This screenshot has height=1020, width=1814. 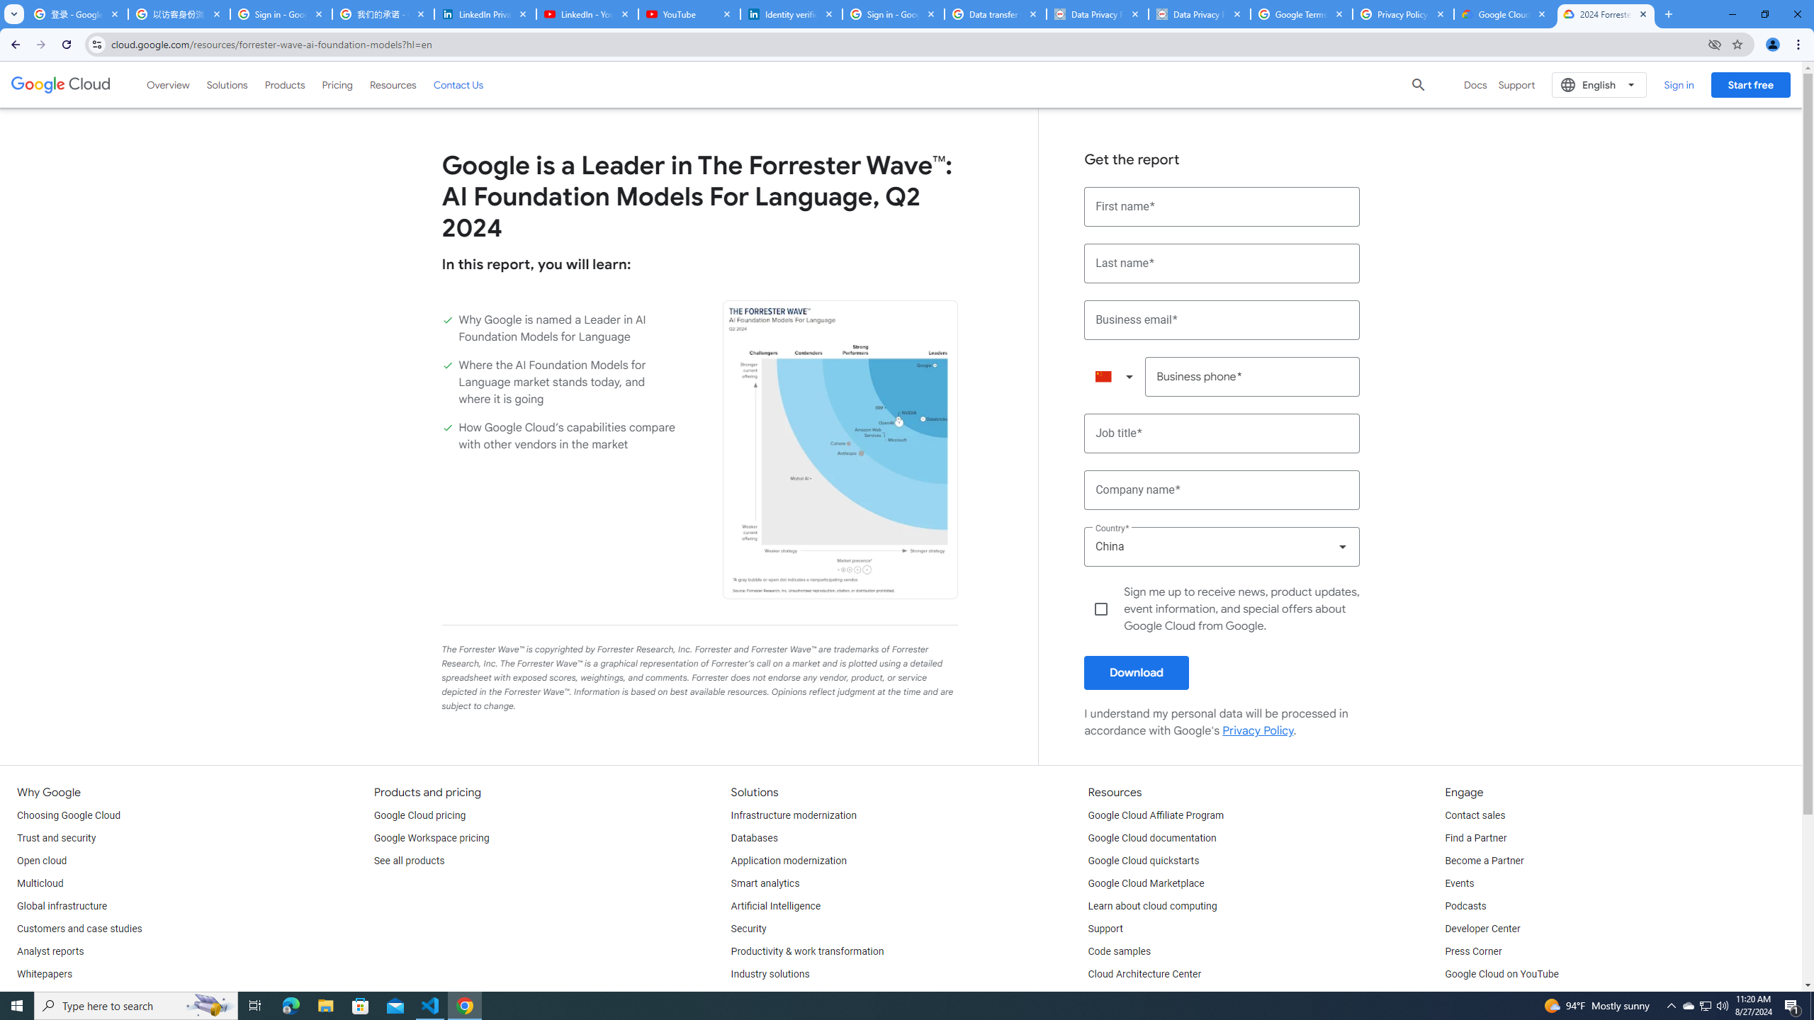 What do you see at coordinates (283, 84) in the screenshot?
I see `'Products'` at bounding box center [283, 84].